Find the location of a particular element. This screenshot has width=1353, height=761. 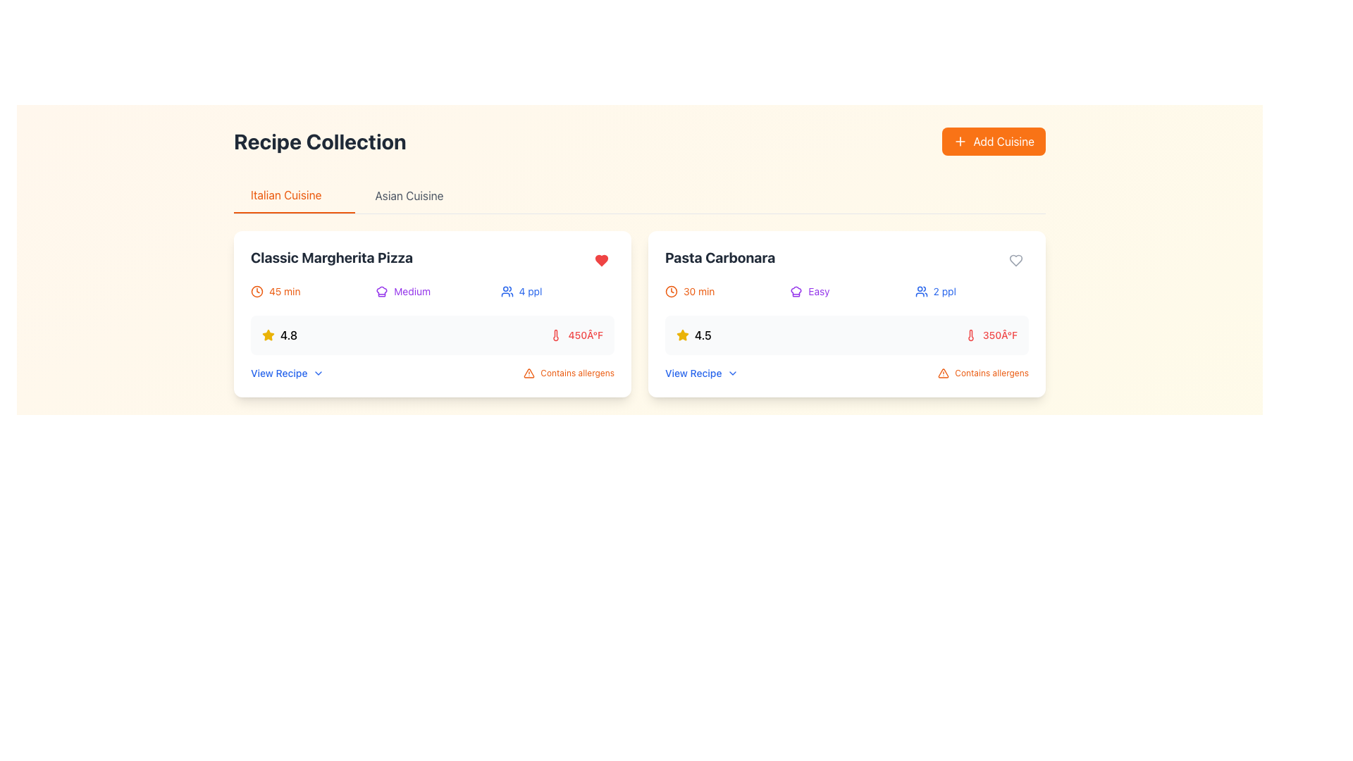

the yellow star icon located to the left of the rating value '4.8' in the card for the 'Classic Margherita Pizza' recipe is located at coordinates (683, 335).